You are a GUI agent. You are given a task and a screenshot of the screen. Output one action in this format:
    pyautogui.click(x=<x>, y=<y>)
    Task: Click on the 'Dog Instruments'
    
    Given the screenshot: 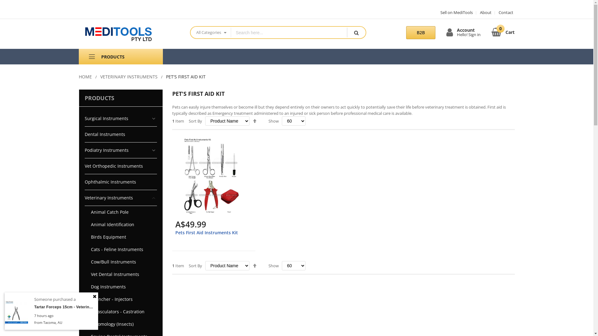 What is the action you would take?
    pyautogui.click(x=121, y=287)
    